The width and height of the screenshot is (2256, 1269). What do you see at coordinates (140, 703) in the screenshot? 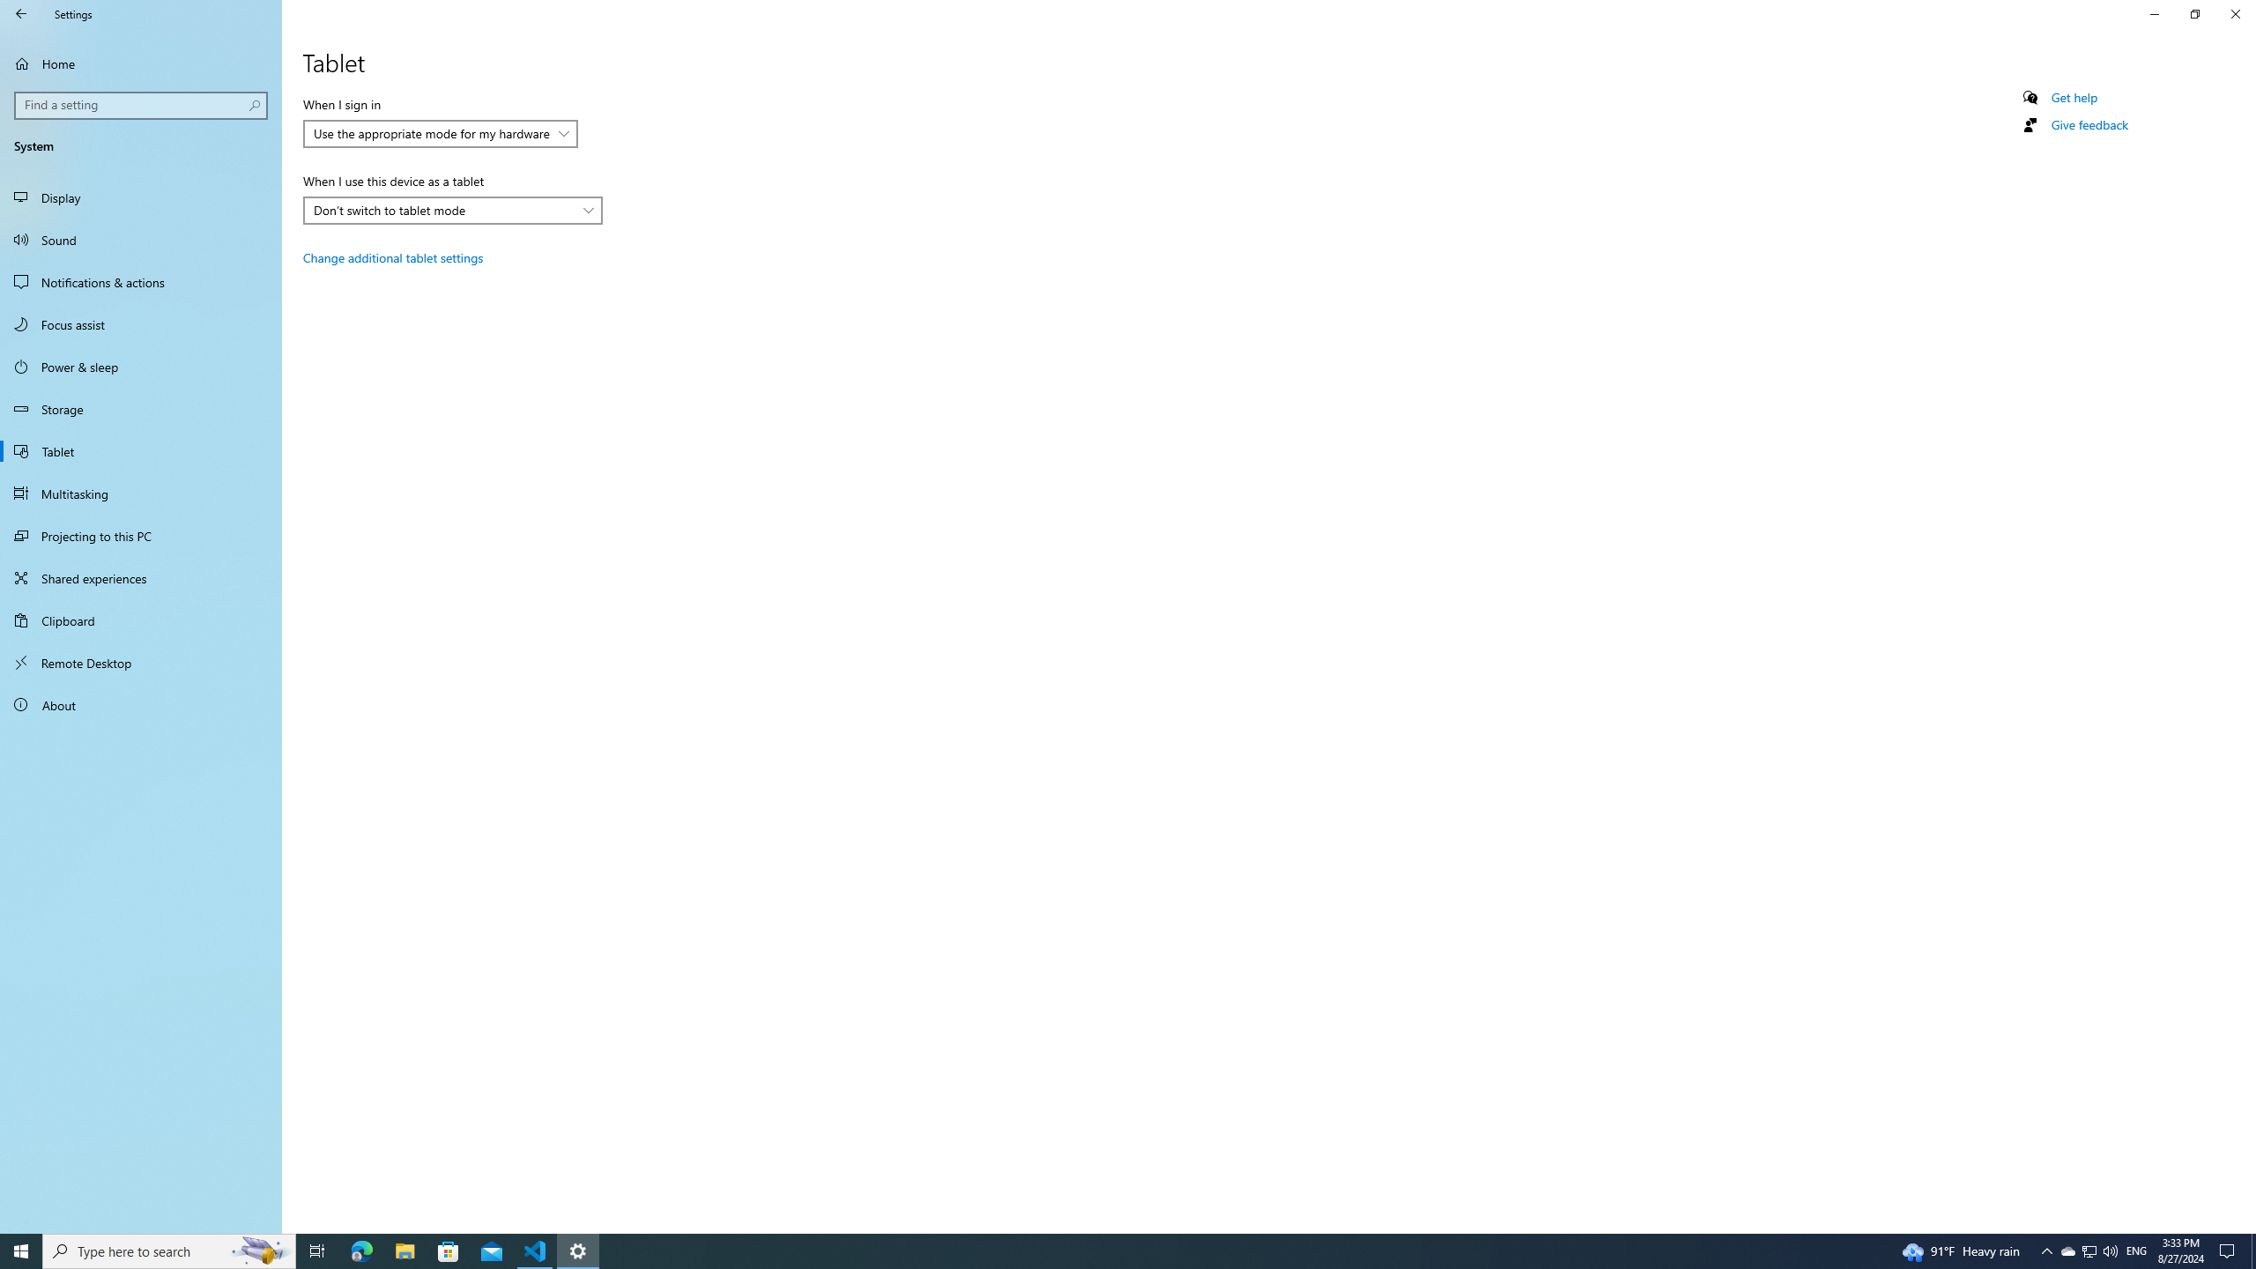
I see `'About'` at bounding box center [140, 703].